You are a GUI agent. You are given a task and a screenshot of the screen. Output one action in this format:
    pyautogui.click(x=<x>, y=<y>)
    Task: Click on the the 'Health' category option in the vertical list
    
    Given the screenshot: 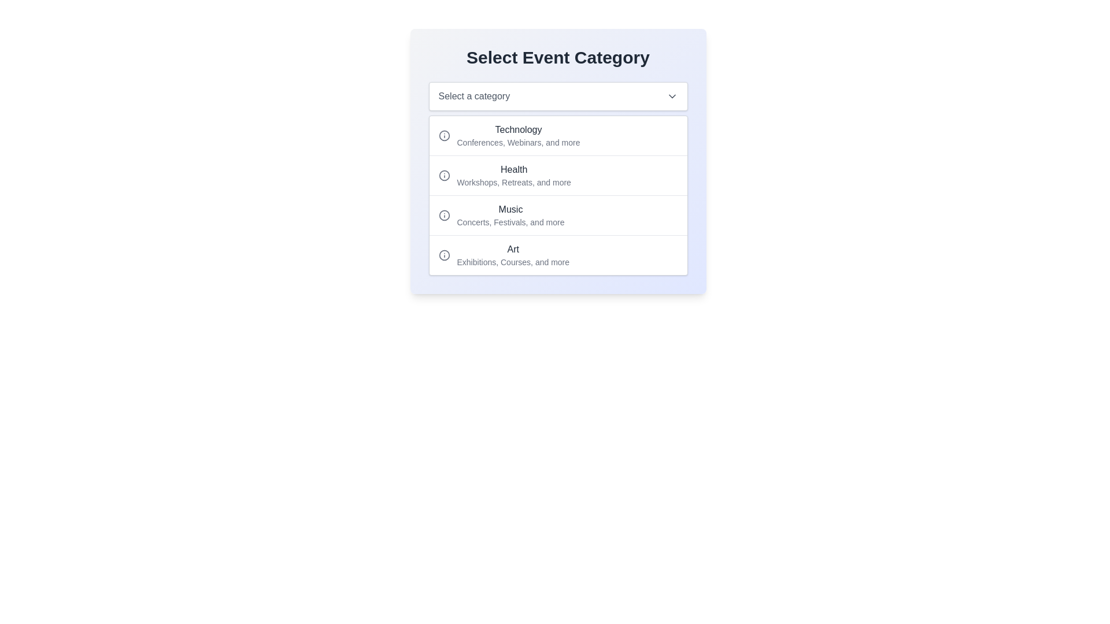 What is the action you would take?
    pyautogui.click(x=513, y=176)
    